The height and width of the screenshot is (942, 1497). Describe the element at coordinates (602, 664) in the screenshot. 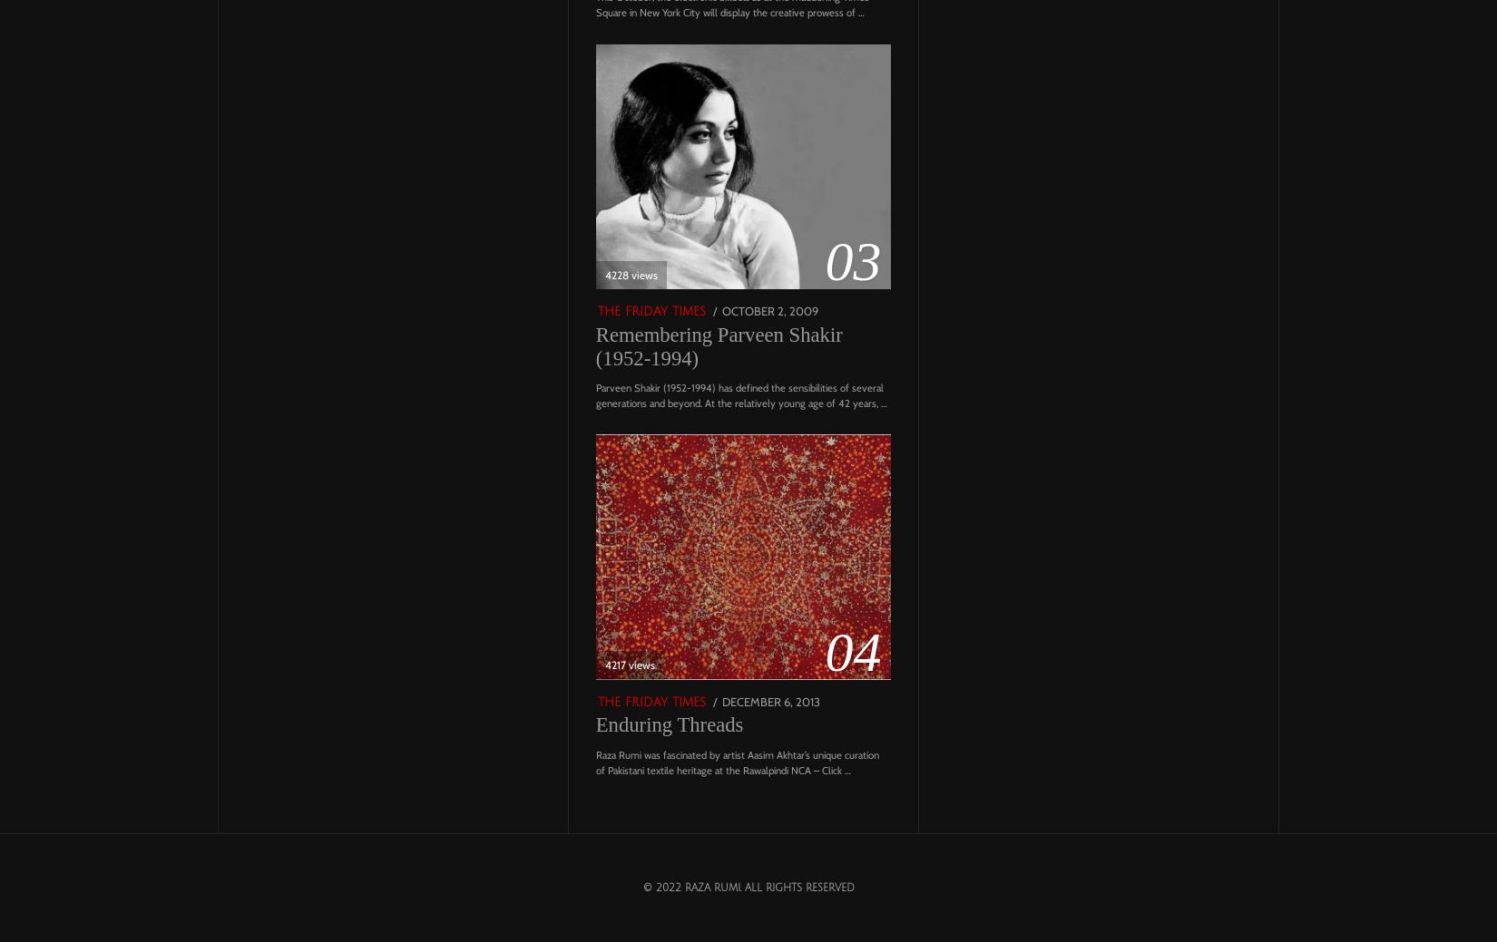

I see `'4217 views'` at that location.